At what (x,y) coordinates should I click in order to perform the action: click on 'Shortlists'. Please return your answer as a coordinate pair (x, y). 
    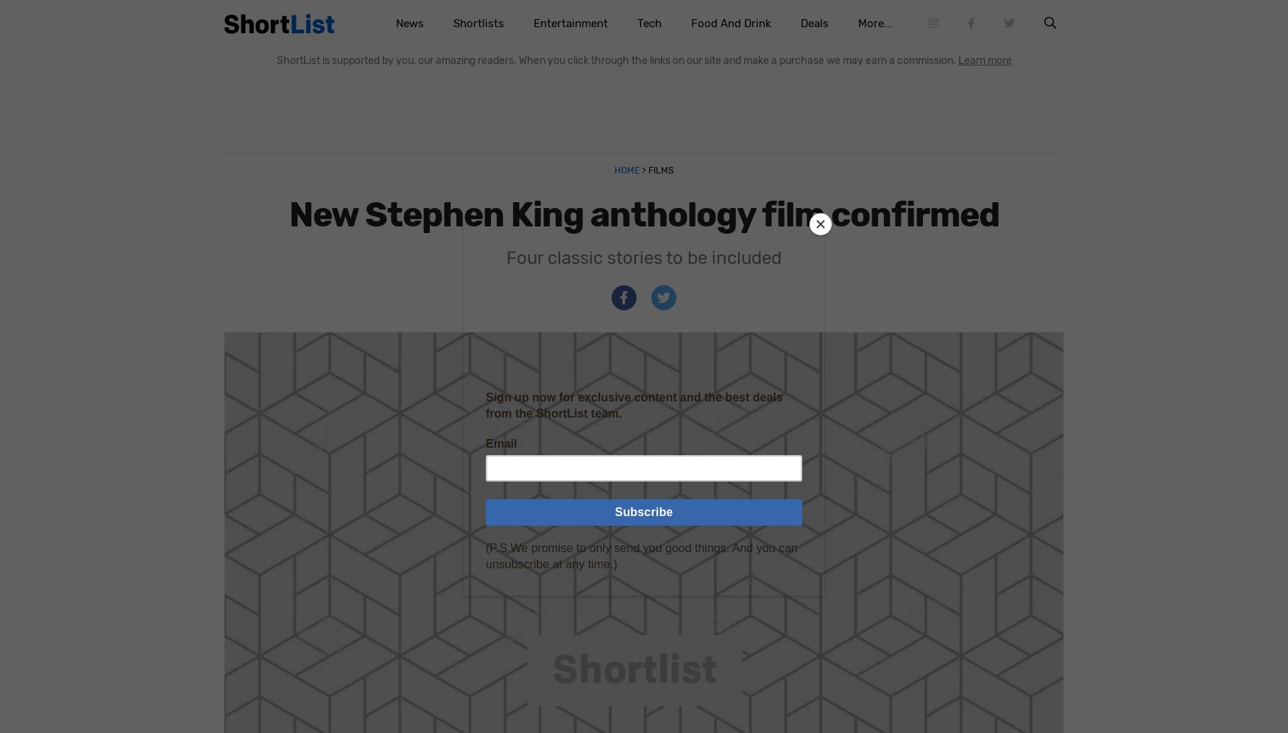
    Looking at the image, I should click on (477, 24).